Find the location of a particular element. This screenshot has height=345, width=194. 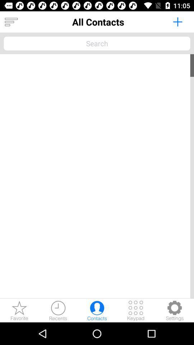

the dialpad icon is located at coordinates (136, 310).